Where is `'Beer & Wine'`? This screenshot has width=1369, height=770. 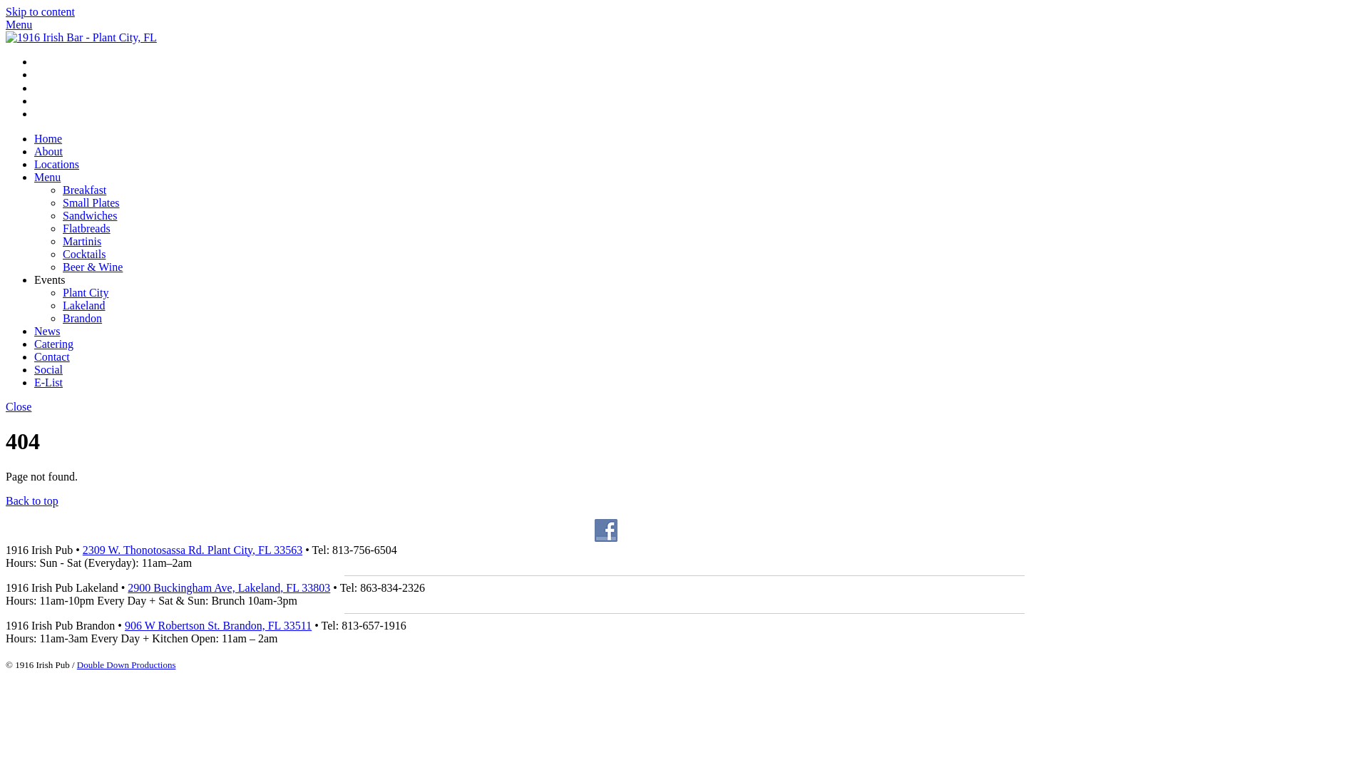 'Beer & Wine' is located at coordinates (91, 267).